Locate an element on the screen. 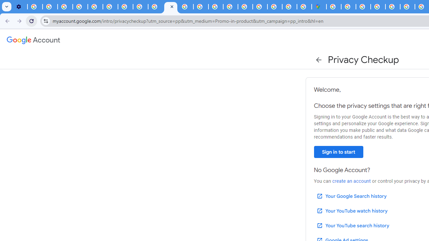  'Your Google Search history' is located at coordinates (351, 196).